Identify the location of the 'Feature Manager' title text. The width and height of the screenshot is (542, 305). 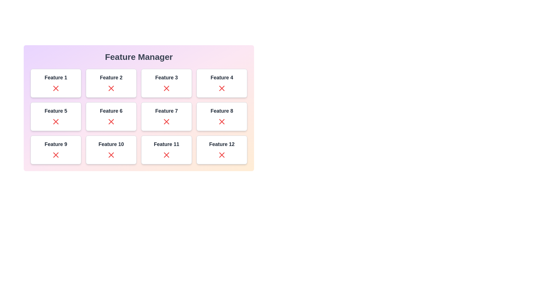
(139, 57).